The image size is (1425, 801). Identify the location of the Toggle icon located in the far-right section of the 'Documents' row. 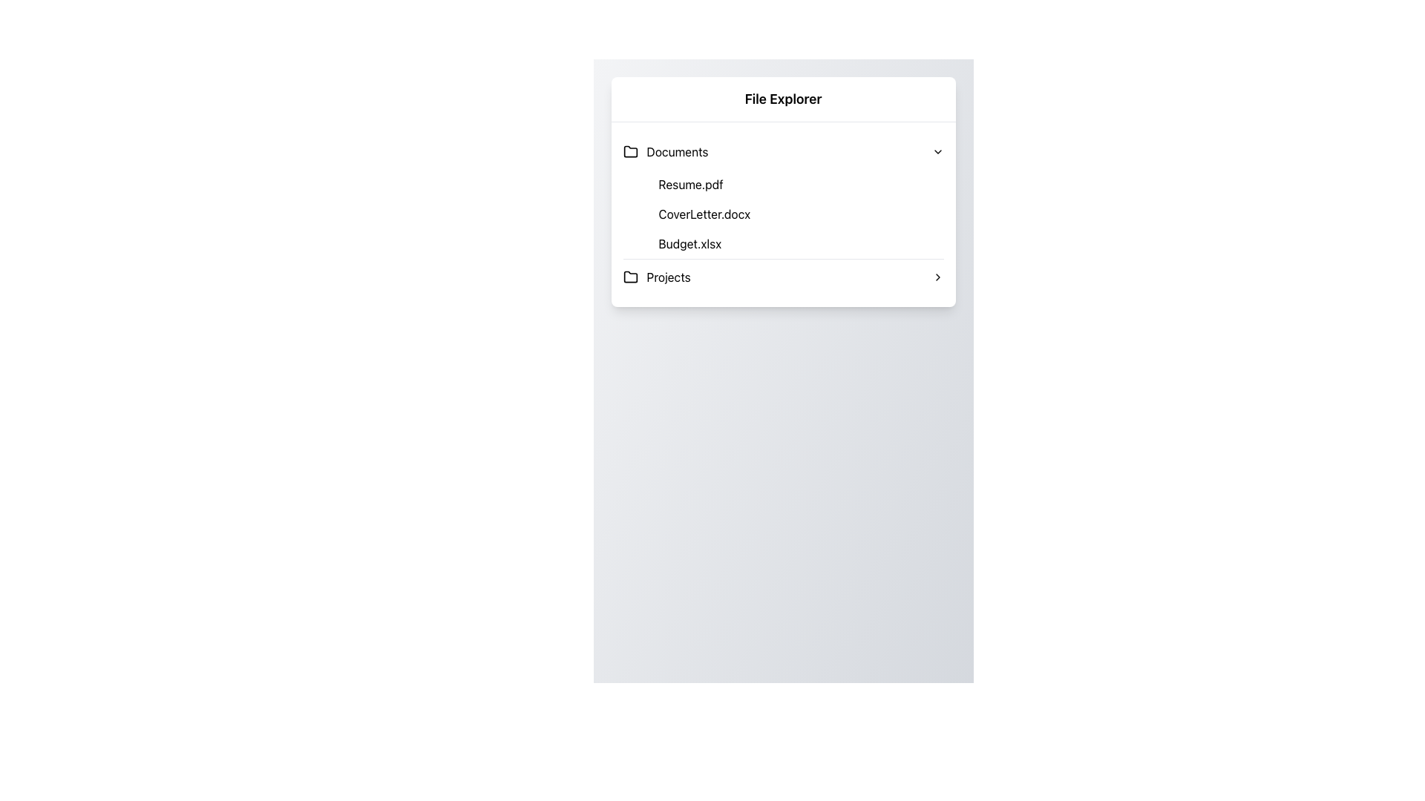
(937, 151).